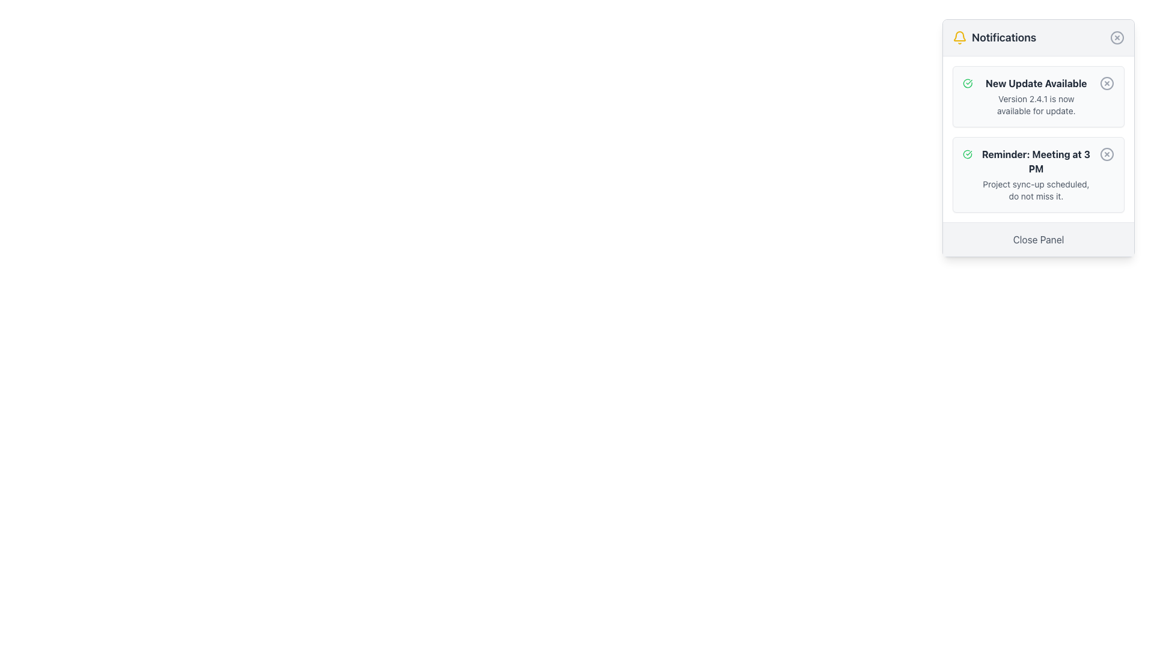 This screenshot has width=1154, height=649. What do you see at coordinates (1107, 82) in the screenshot?
I see `the circular graphical component of the SVG icon located in the upper-right area of the notification panel, adjacent to the 'New Update Available' notification entry` at bounding box center [1107, 82].